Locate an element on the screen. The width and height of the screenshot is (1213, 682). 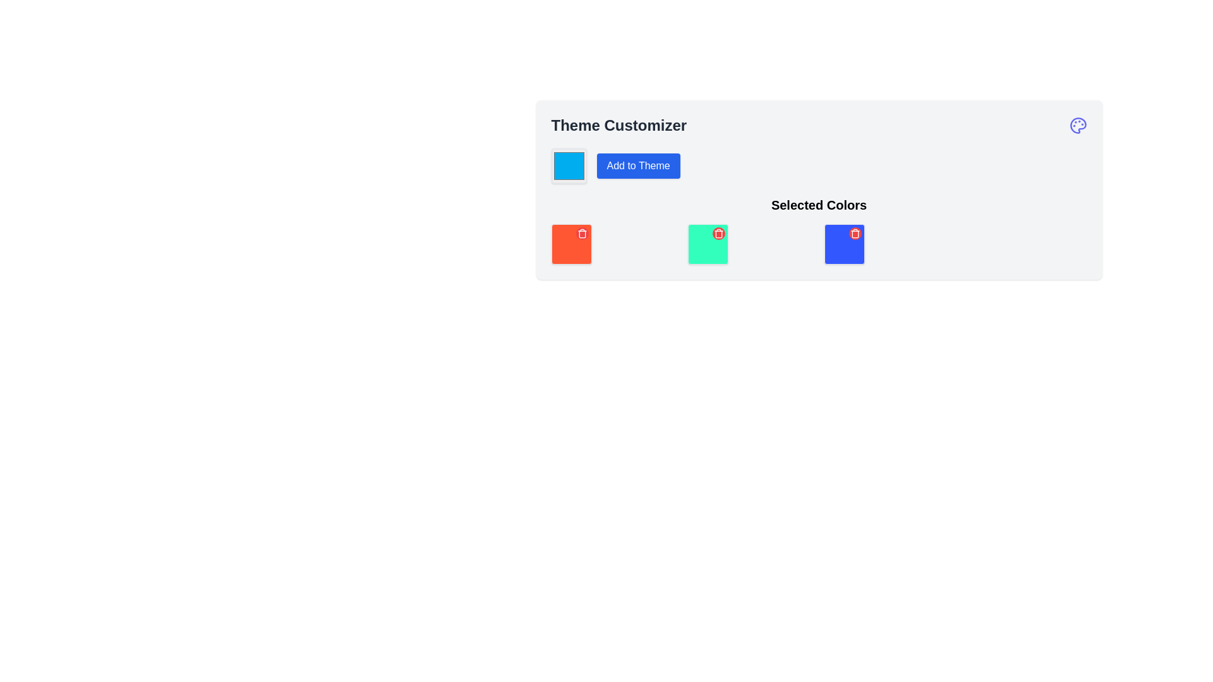
the trash icon button located in the top-right corner of the blue color block under the 'Selected Colors' section is located at coordinates (855, 234).